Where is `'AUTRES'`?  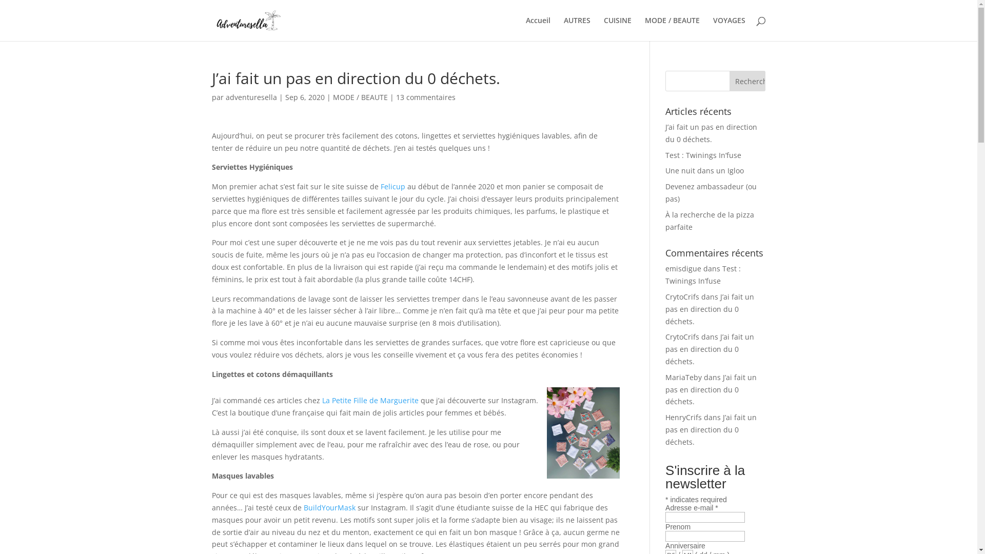
'AUTRES' is located at coordinates (576, 28).